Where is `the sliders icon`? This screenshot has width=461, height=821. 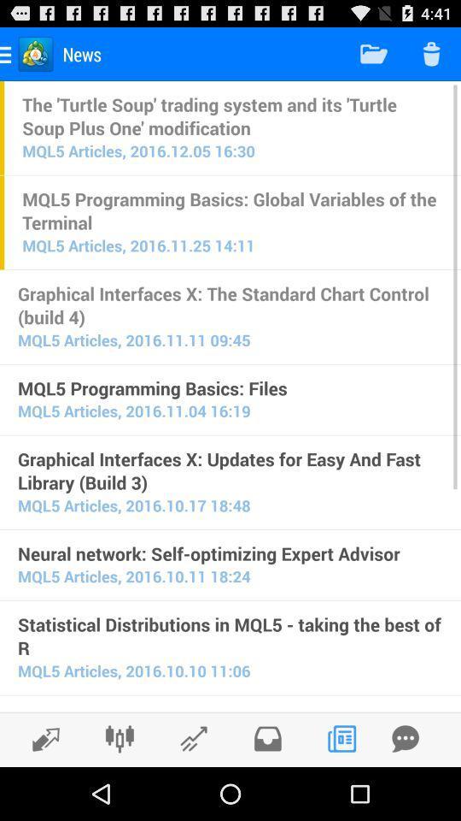 the sliders icon is located at coordinates (119, 790).